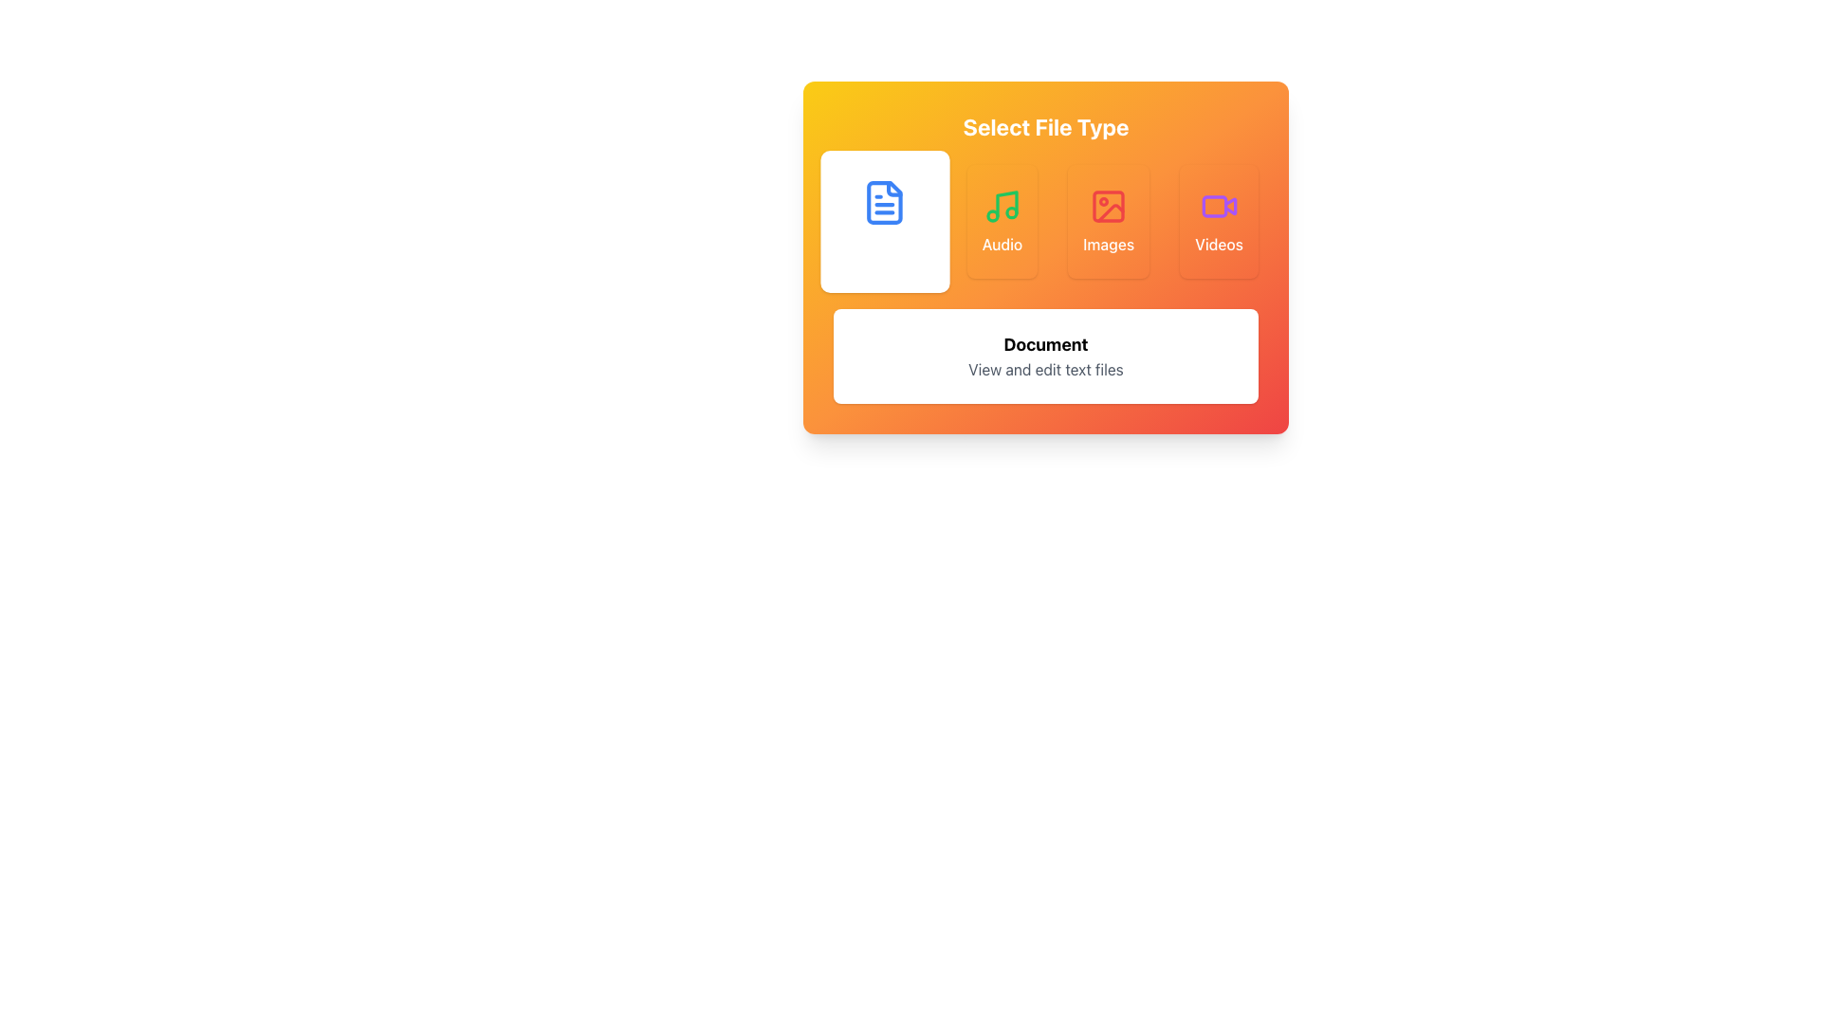  What do you see at coordinates (1109, 244) in the screenshot?
I see `the Text label indicating the file selection type 'Images' in the 'Select File Type' section` at bounding box center [1109, 244].